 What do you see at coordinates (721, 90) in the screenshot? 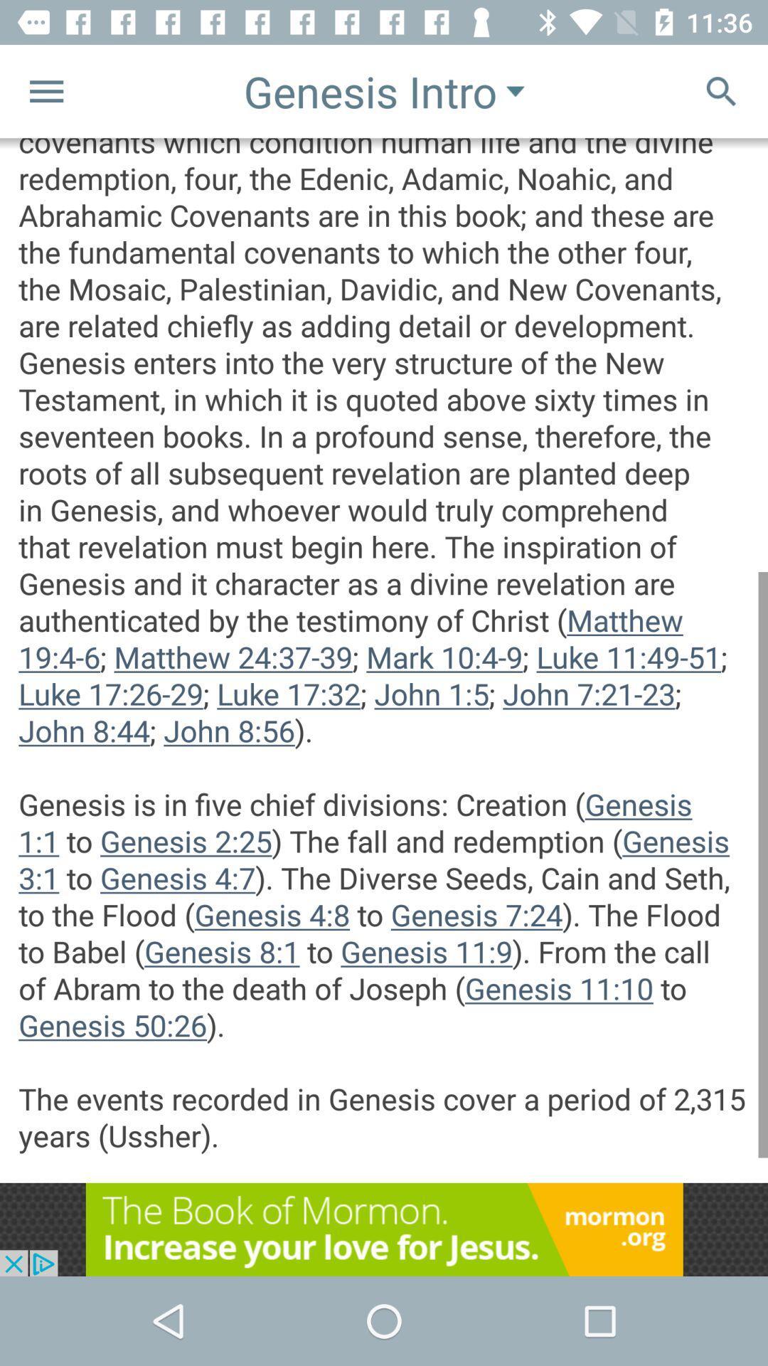
I see `search article` at bounding box center [721, 90].